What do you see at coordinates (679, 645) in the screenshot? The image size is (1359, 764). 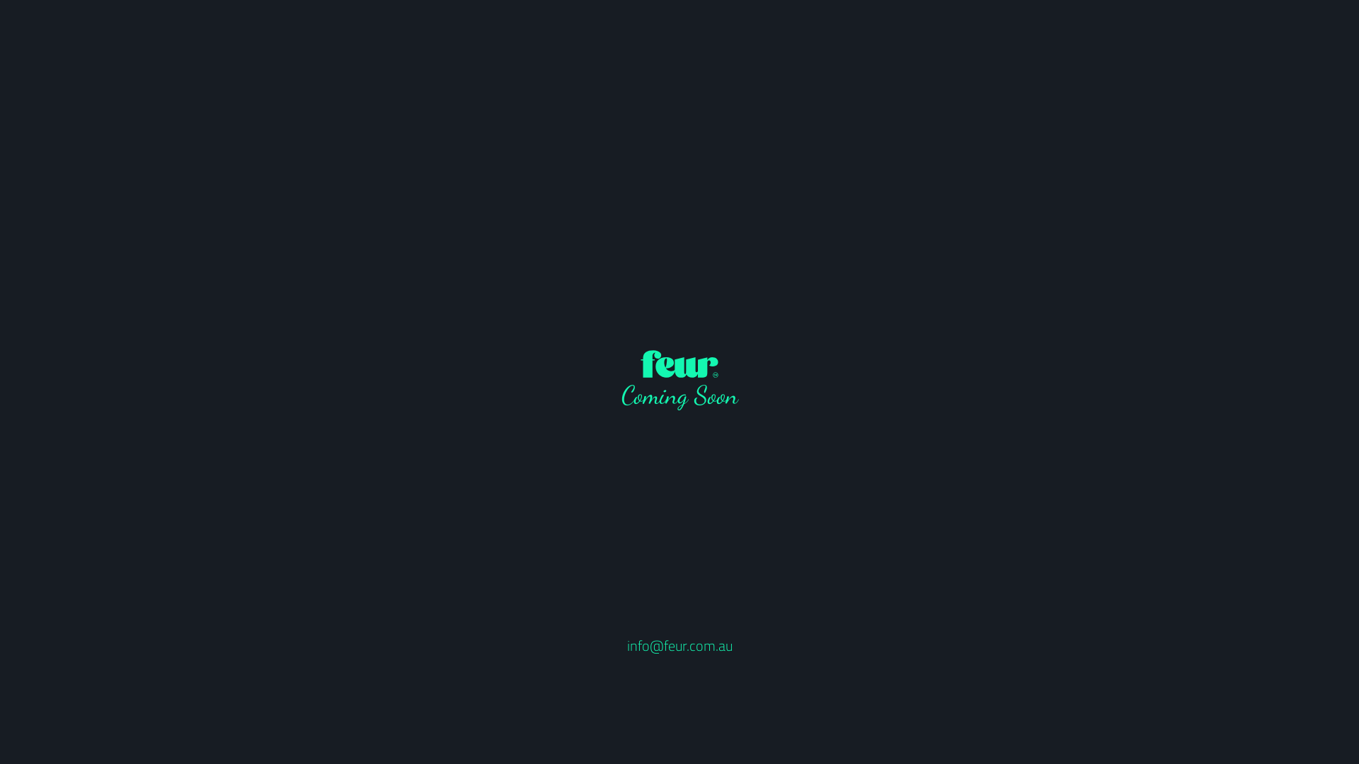 I see `'info@feur.com.au'` at bounding box center [679, 645].